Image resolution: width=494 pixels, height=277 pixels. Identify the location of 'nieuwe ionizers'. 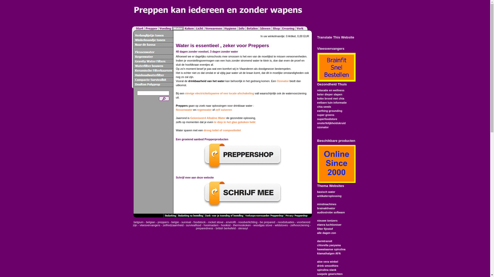
(327, 220).